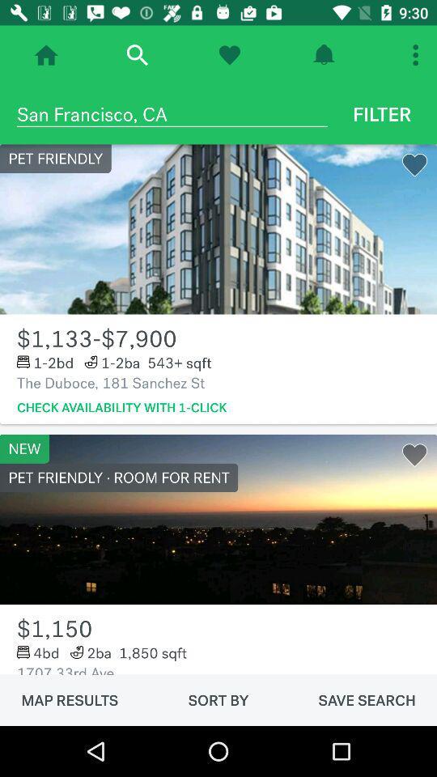 The width and height of the screenshot is (437, 777). What do you see at coordinates (46, 55) in the screenshot?
I see `home screen` at bounding box center [46, 55].